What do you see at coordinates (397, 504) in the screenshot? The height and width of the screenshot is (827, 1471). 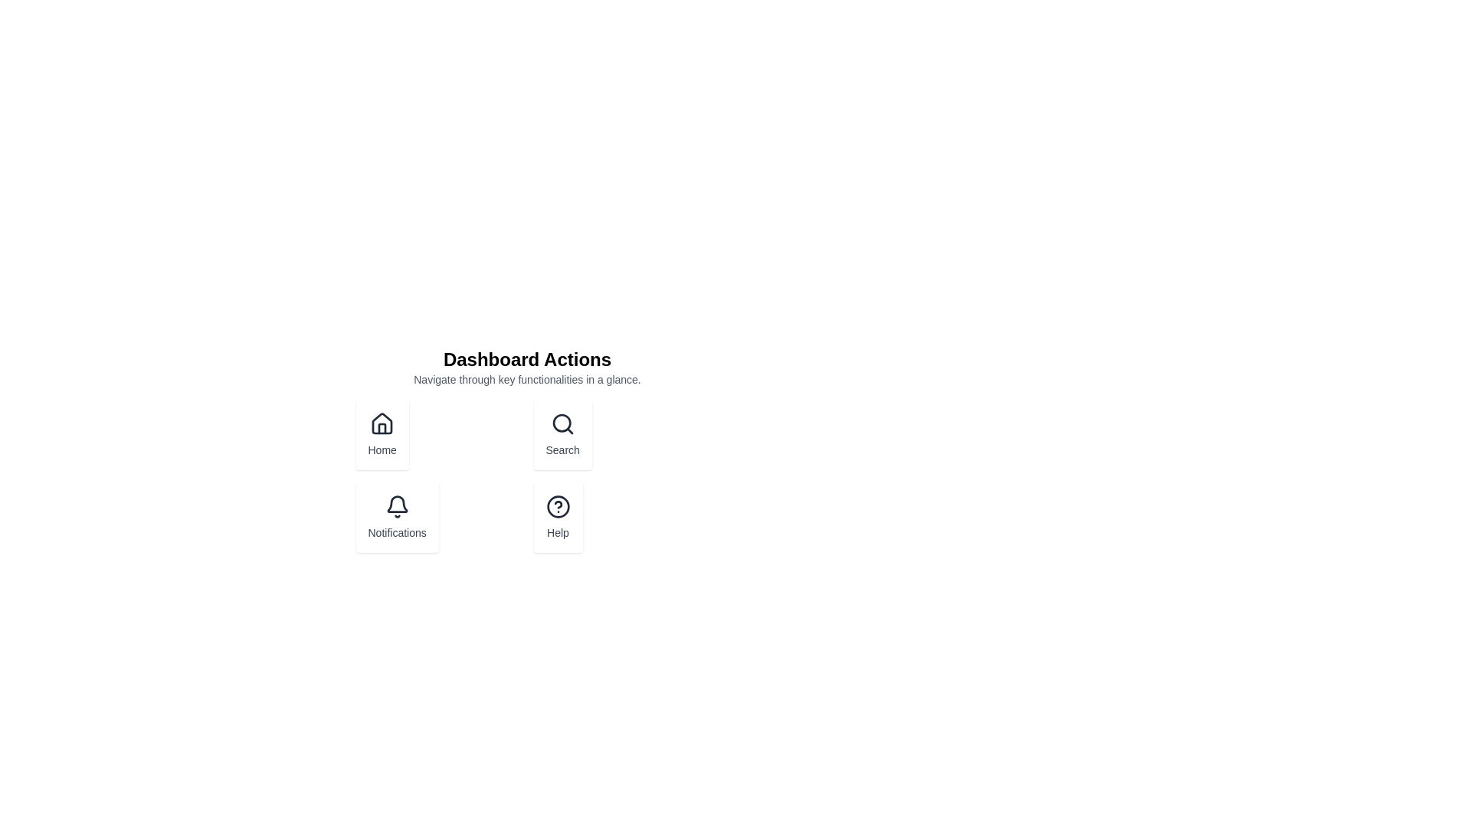 I see `the arc-like shape forming the body of the bell icon in the Notifications section of the dashboard layout` at bounding box center [397, 504].